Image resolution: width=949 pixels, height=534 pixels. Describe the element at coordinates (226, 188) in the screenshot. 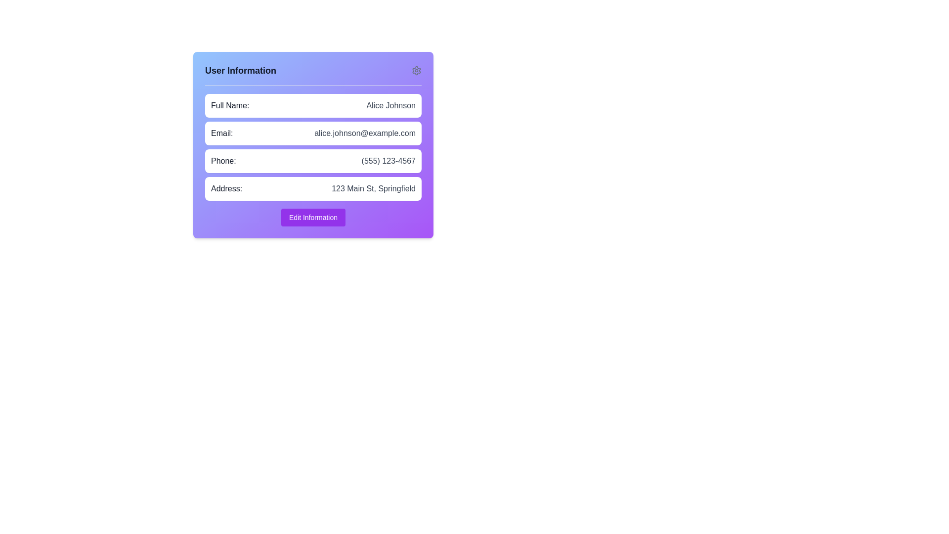

I see `the label displaying 'Address:' in bold font, which is positioned to the left of the address value '123 Main St, Springfield' within the user information form` at that location.